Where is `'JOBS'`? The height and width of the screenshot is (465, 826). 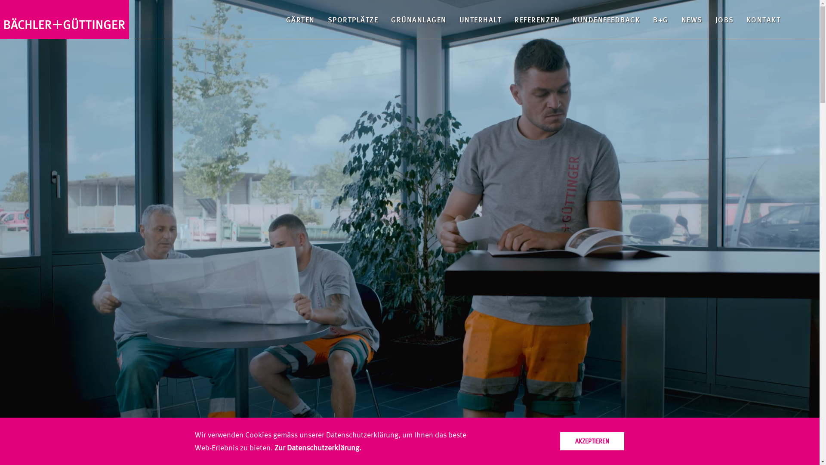 'JOBS' is located at coordinates (724, 19).